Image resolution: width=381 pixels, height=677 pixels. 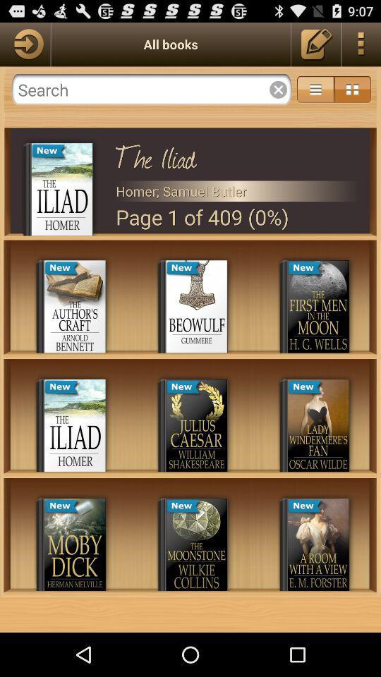 What do you see at coordinates (237, 190) in the screenshot?
I see `item below the iliad icon` at bounding box center [237, 190].